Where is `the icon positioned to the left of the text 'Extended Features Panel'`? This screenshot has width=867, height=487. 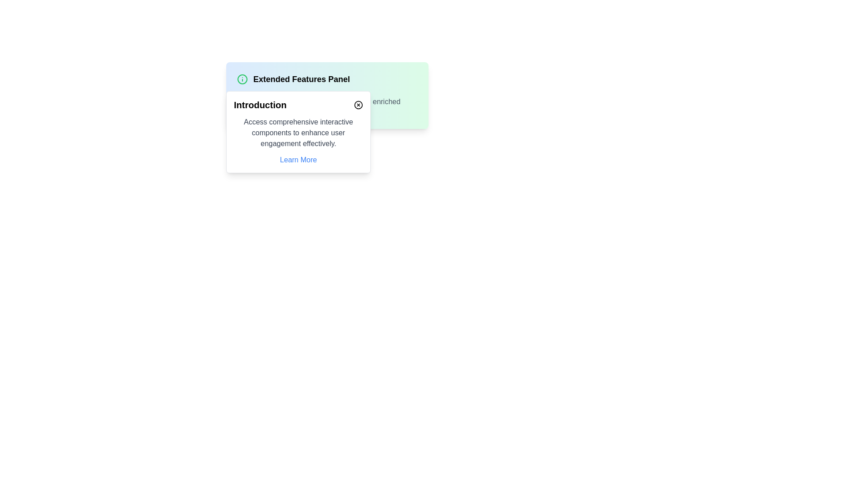
the icon positioned to the left of the text 'Extended Features Panel' is located at coordinates (242, 79).